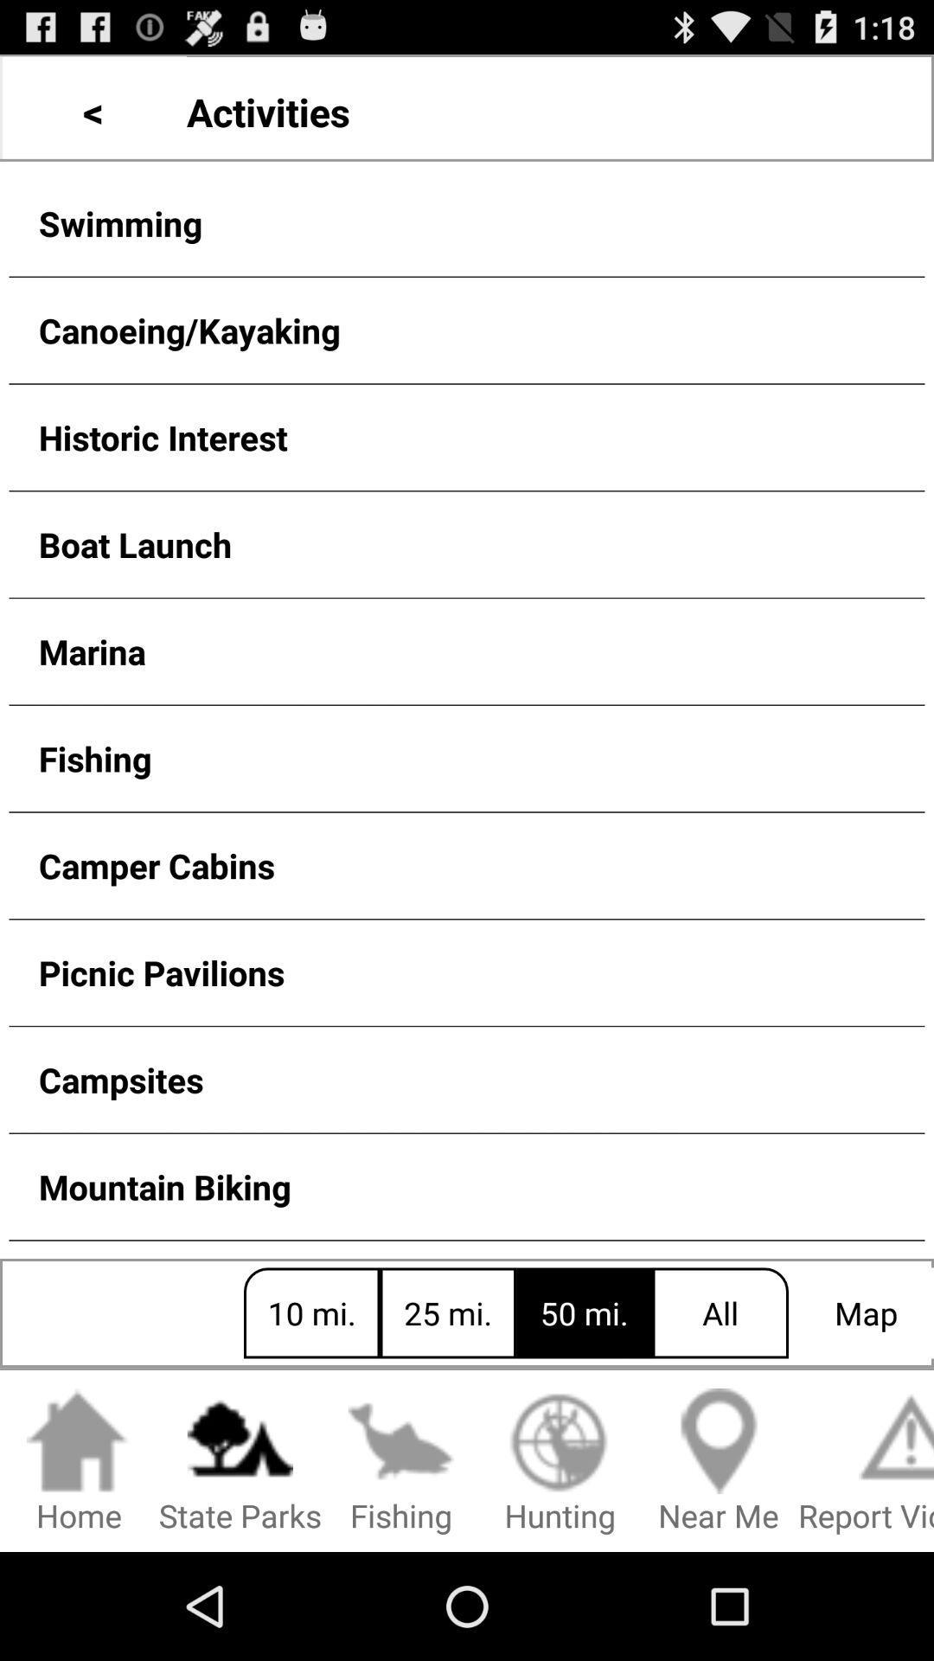 This screenshot has width=934, height=1661. I want to click on icon to the right of the hunting, so click(719, 1461).